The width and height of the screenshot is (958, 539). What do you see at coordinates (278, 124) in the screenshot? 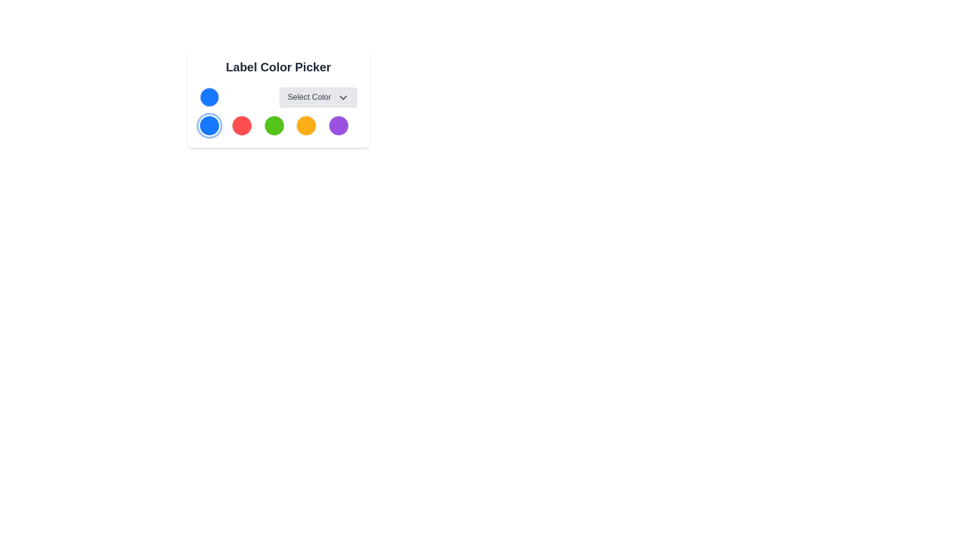
I see `the highlighted green circular button, which is the third button in a horizontal row of five circular buttons` at bounding box center [278, 124].